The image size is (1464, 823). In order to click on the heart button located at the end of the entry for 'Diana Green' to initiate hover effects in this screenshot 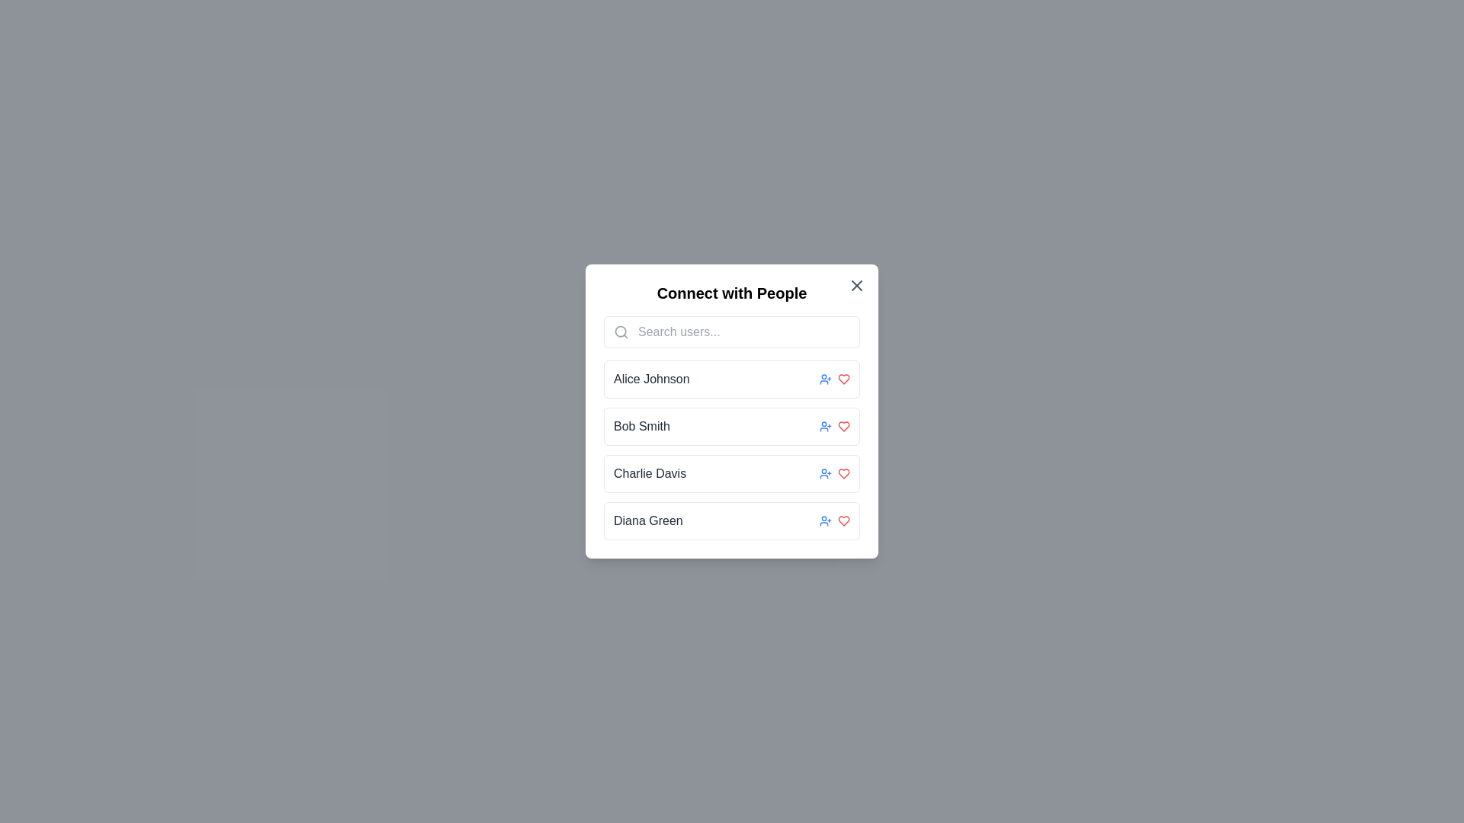, I will do `click(843, 520)`.